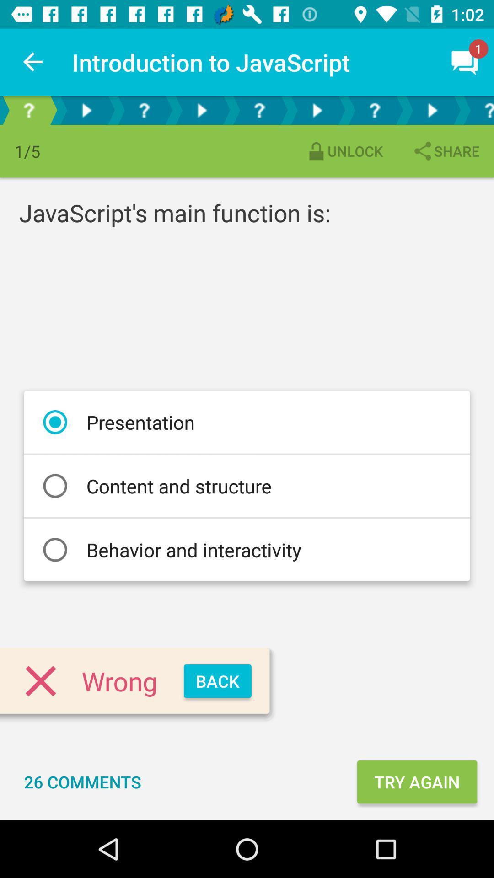 This screenshot has width=494, height=878. Describe the element at coordinates (86, 110) in the screenshot. I see `step` at that location.